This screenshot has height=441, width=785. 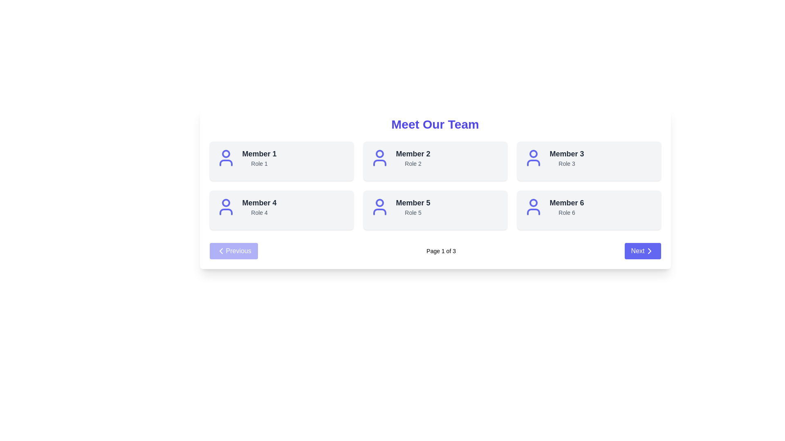 What do you see at coordinates (642, 250) in the screenshot?
I see `the button located at the far right of the footer navigation bar` at bounding box center [642, 250].